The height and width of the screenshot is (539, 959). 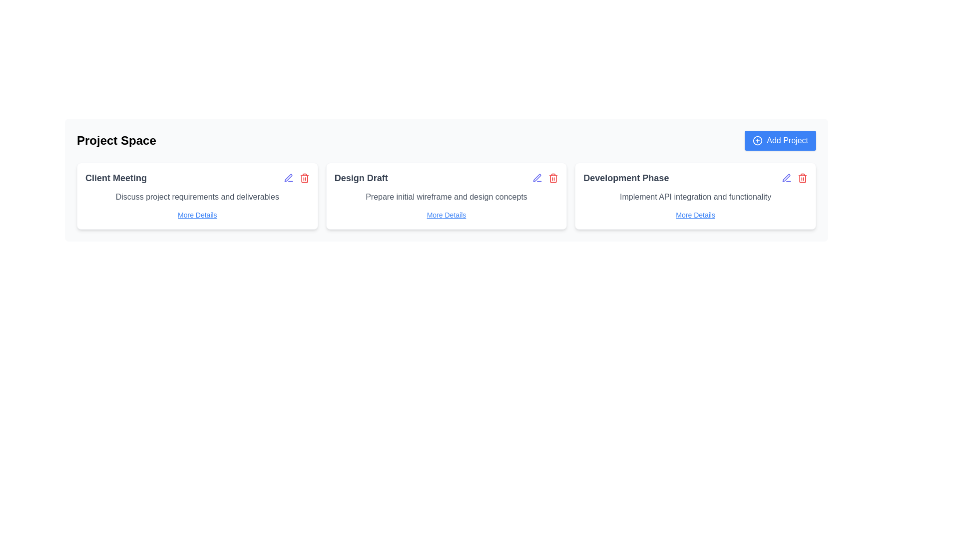 What do you see at coordinates (695, 215) in the screenshot?
I see `the 'More Details' hyperlink styled in blue with an underline, located in the bottom-right corner of the 'Development Phase' card, below the description 'Implement API integration and functionality'` at bounding box center [695, 215].